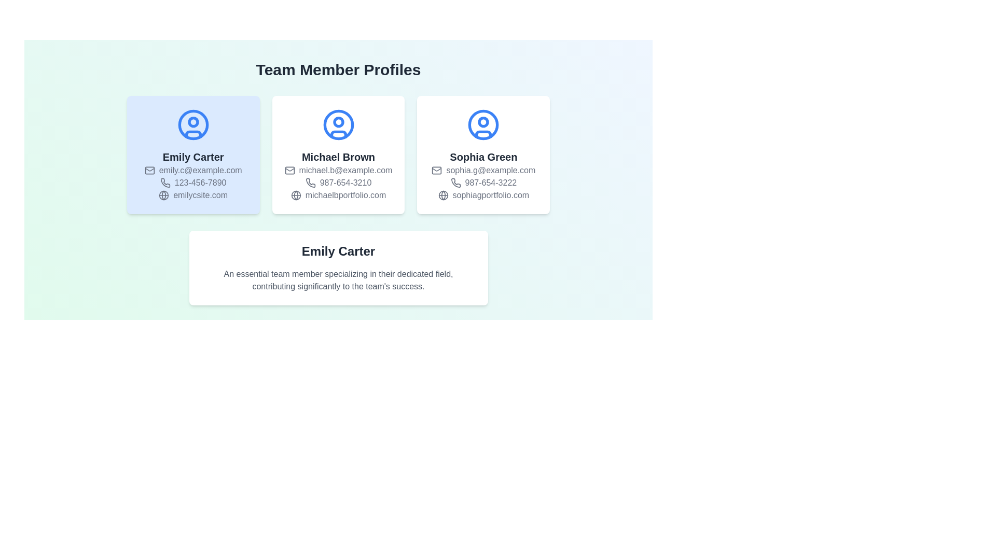 The image size is (996, 560). What do you see at coordinates (289, 170) in the screenshot?
I see `the icon that visually indicates the email address field, located to the left of the email address 'michael.b@example.com' in the second profile card for 'Michael Brown'` at bounding box center [289, 170].